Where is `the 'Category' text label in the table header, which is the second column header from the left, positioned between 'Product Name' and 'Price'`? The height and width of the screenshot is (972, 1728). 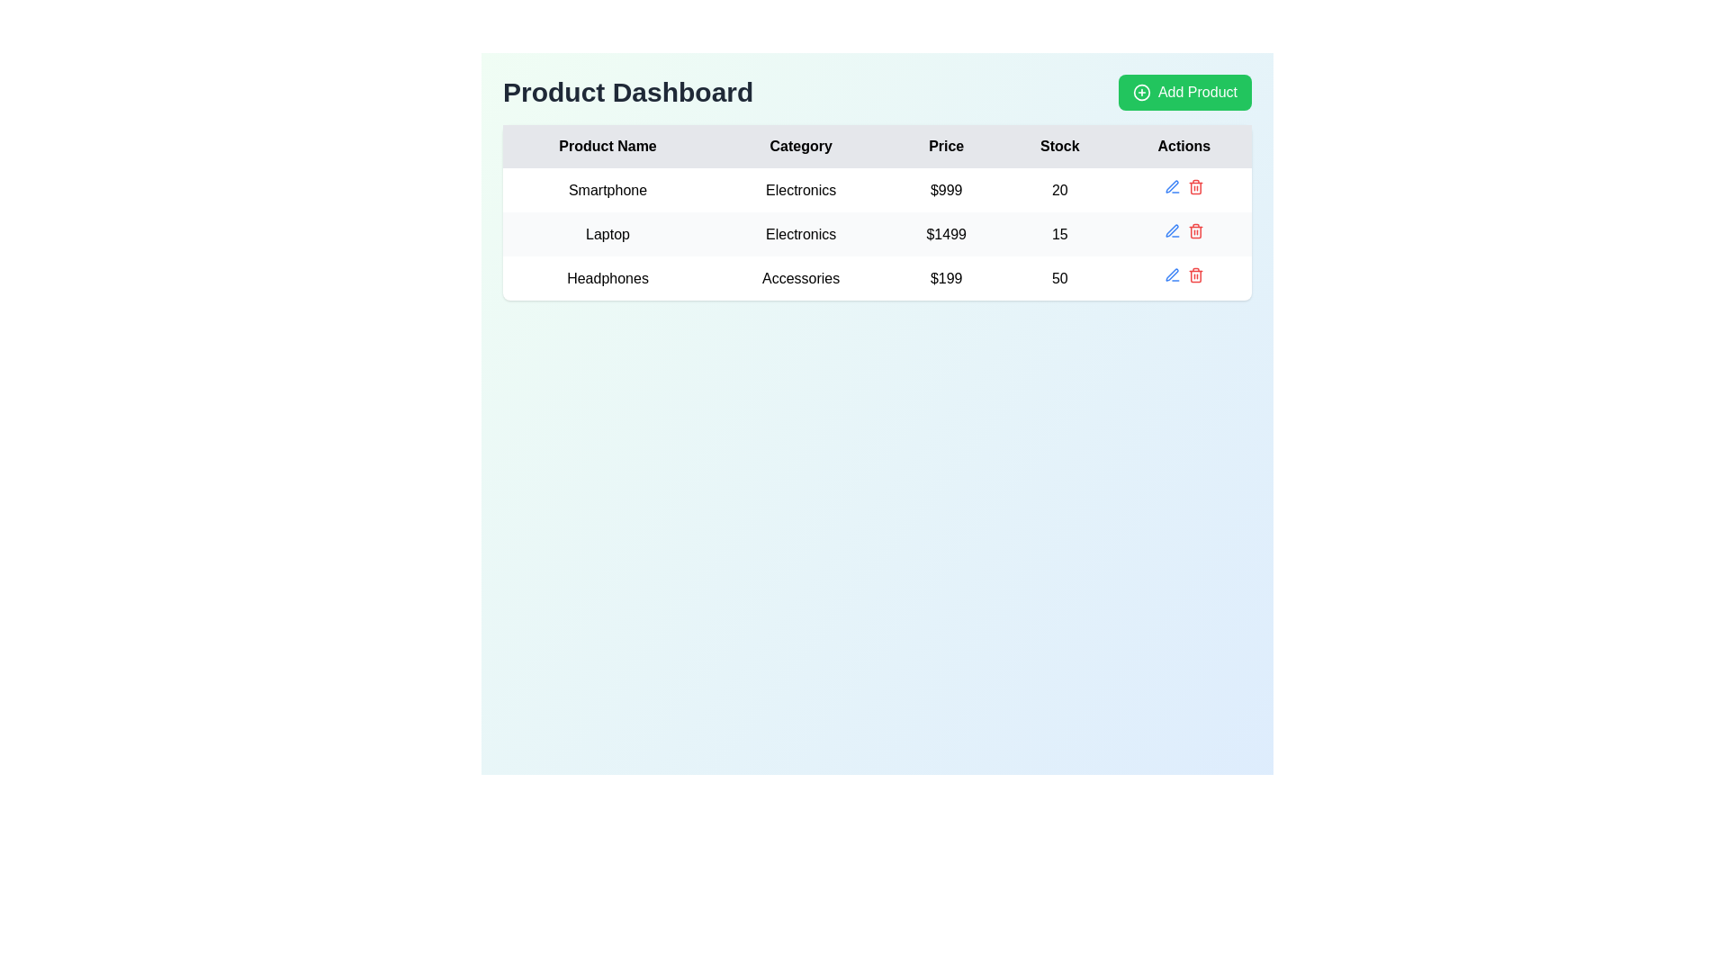
the 'Category' text label in the table header, which is the second column header from the left, positioned between 'Product Name' and 'Price' is located at coordinates (800, 145).